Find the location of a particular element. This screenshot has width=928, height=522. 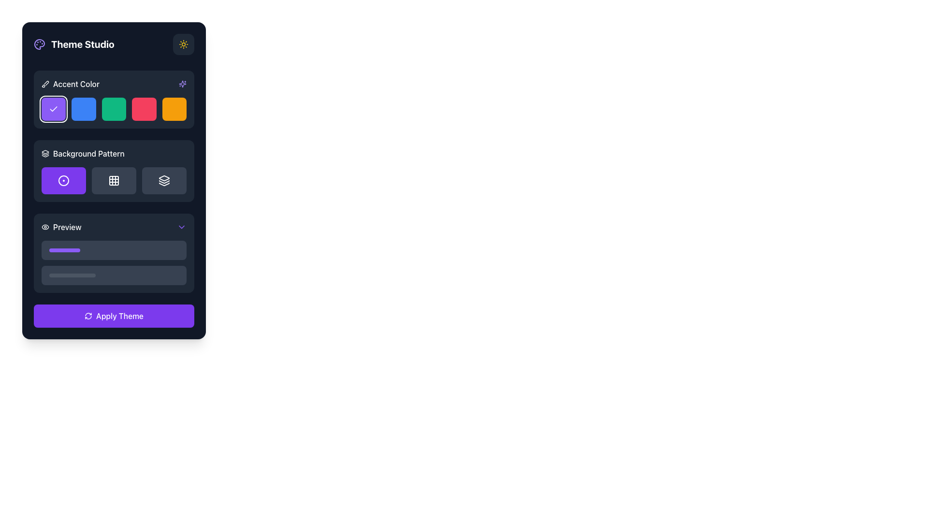

the sun-shaped icon located inside the interactive button in the top-right corner of the panel is located at coordinates (183, 44).